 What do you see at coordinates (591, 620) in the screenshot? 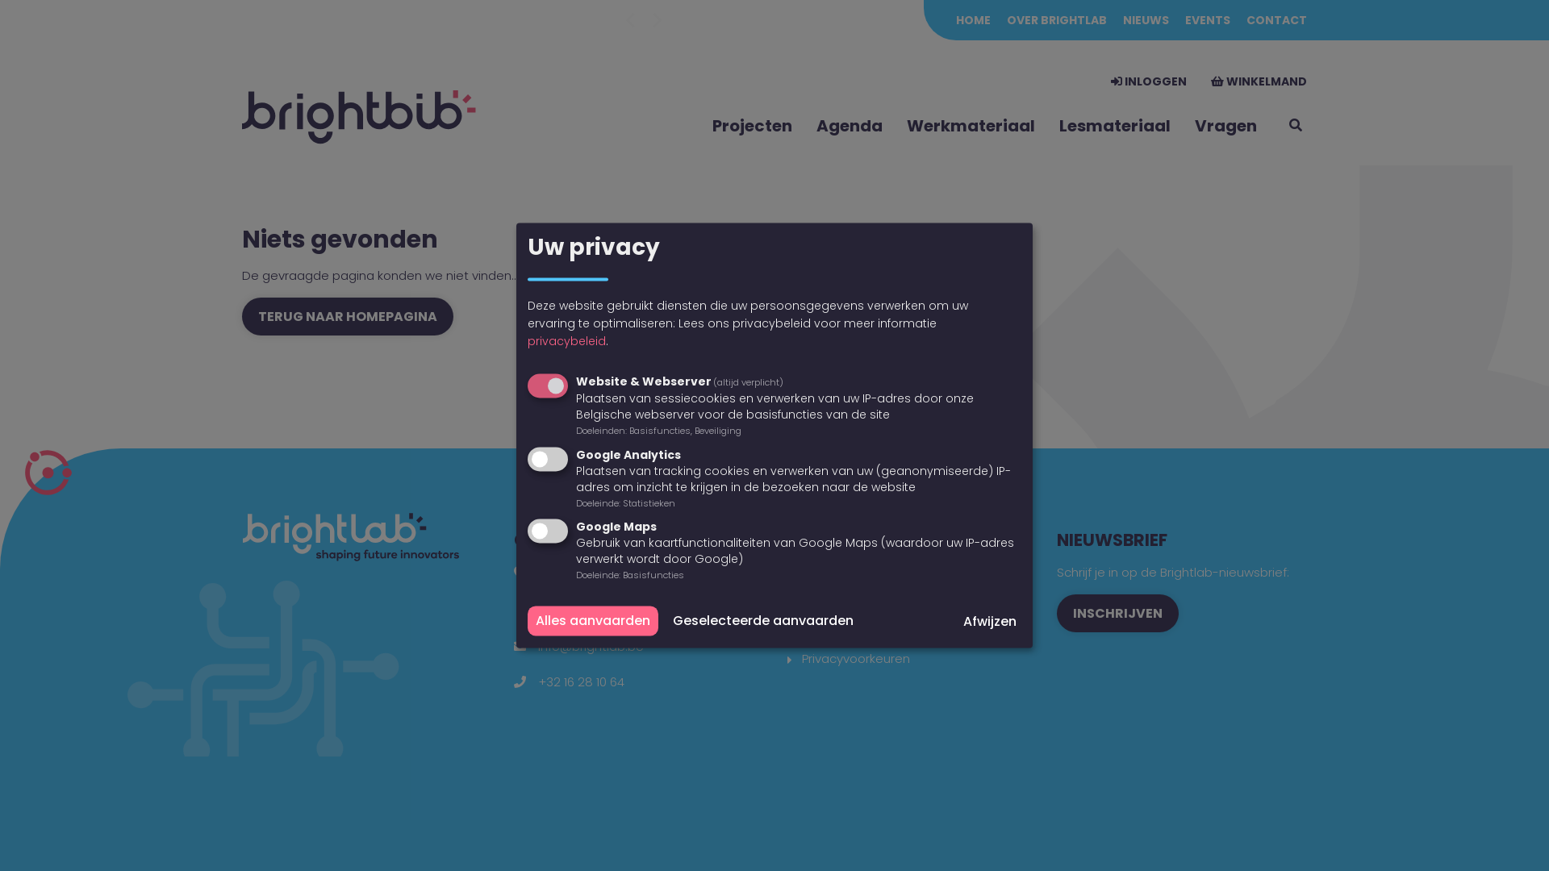
I see `'Alles aanvaarden'` at bounding box center [591, 620].